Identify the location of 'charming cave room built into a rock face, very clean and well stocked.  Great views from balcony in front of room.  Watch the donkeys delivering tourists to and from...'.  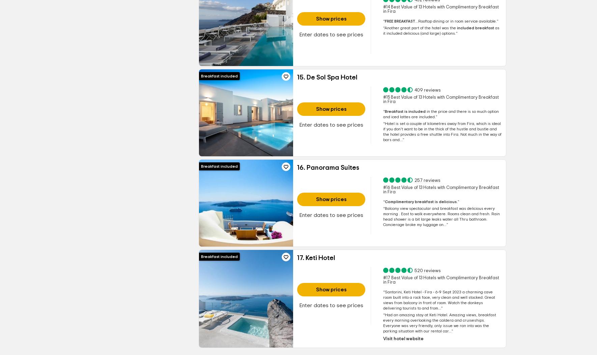
(438, 300).